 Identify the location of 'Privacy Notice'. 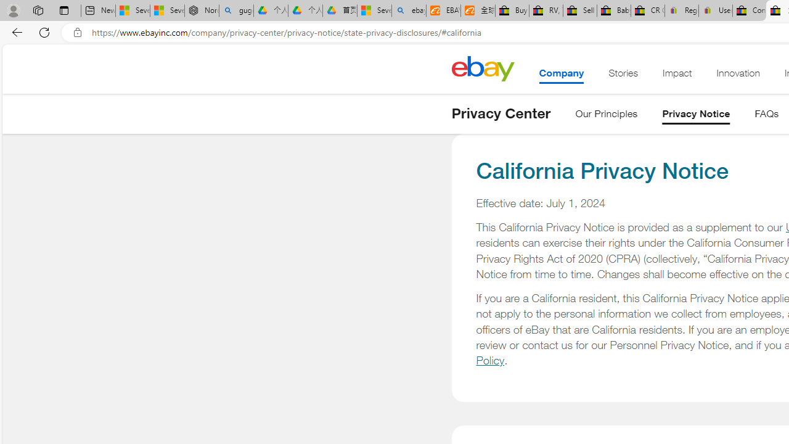
(696, 116).